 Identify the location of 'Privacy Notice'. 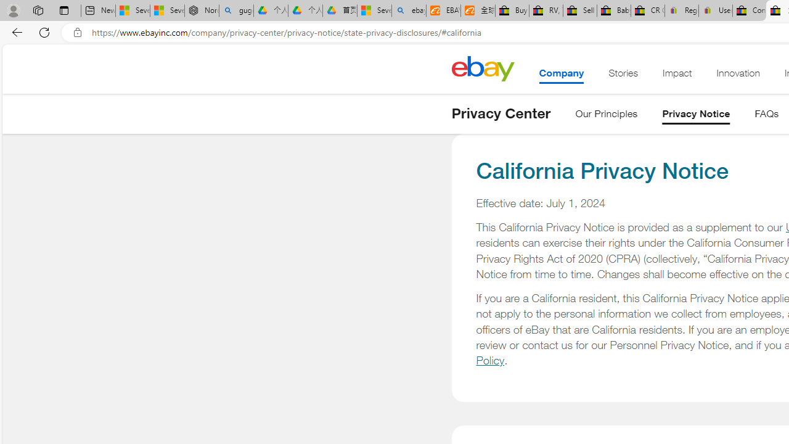
(696, 116).